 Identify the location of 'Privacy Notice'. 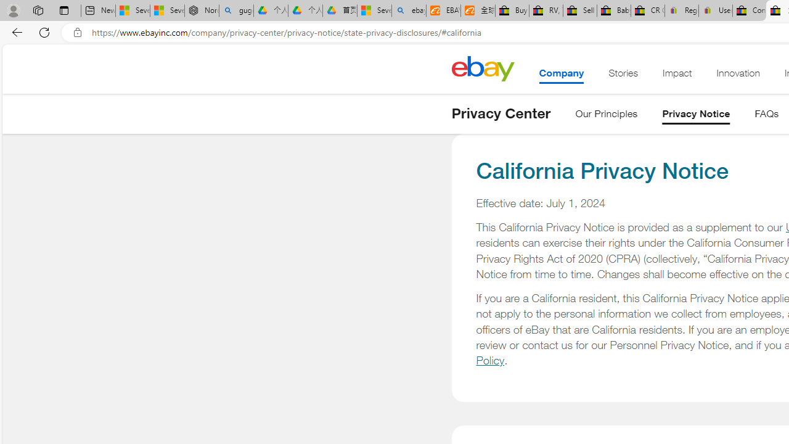
(696, 116).